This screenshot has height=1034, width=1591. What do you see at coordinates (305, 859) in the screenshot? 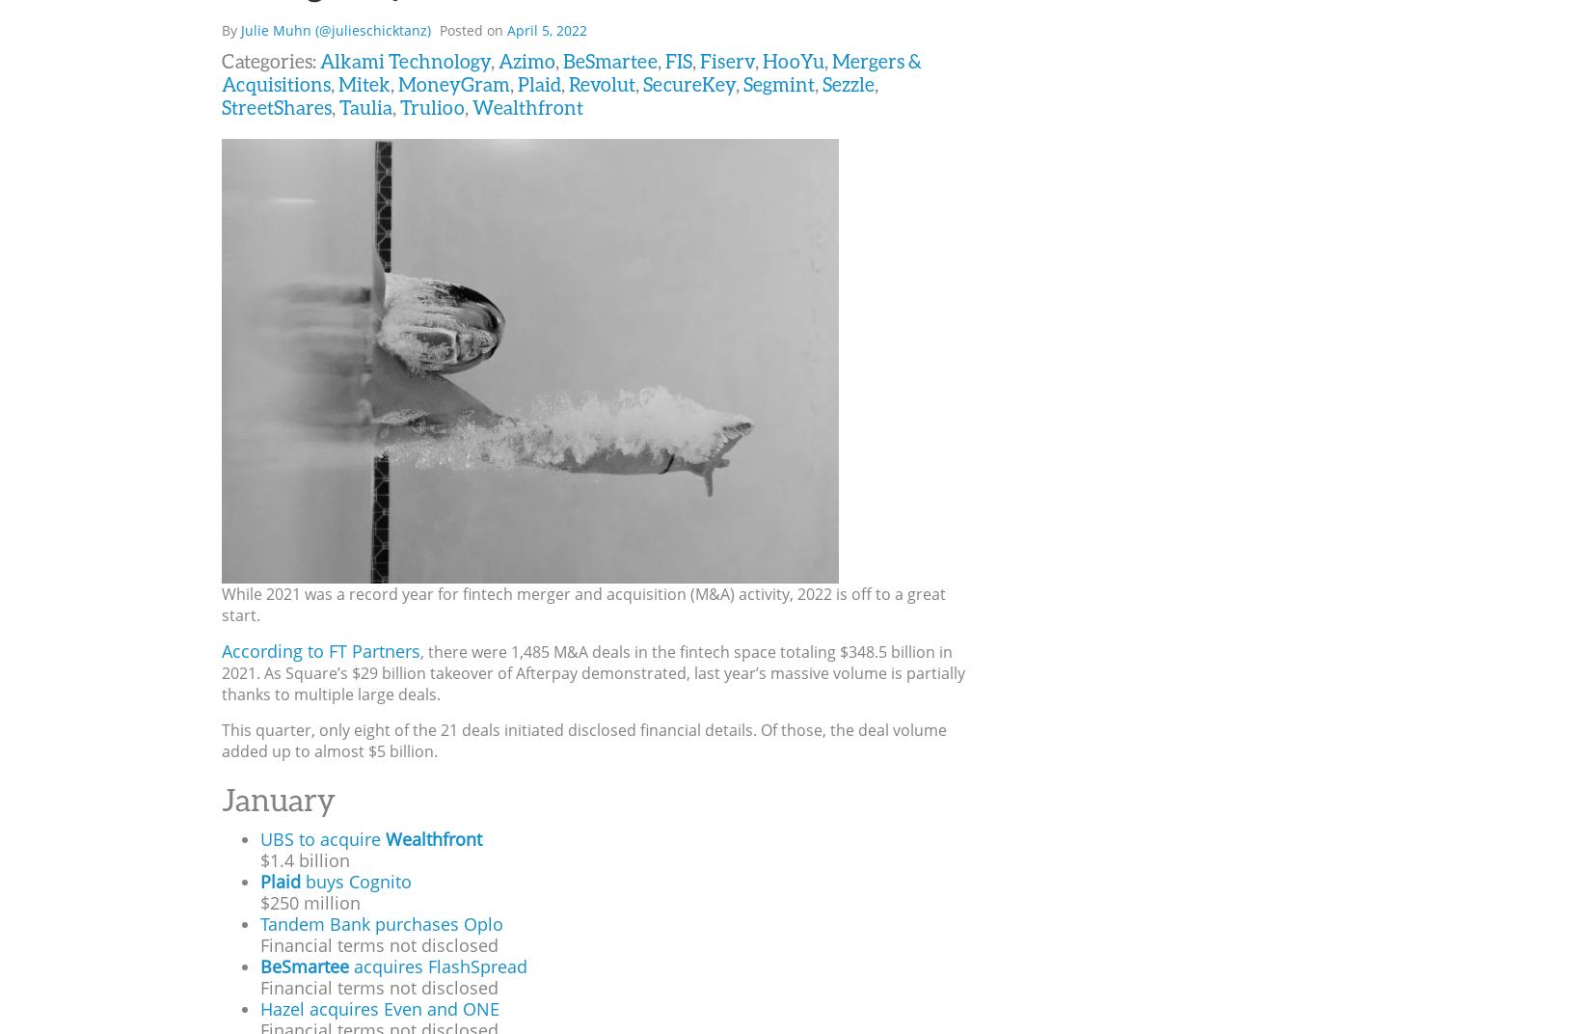
I see `'$1.4 billion'` at bounding box center [305, 859].